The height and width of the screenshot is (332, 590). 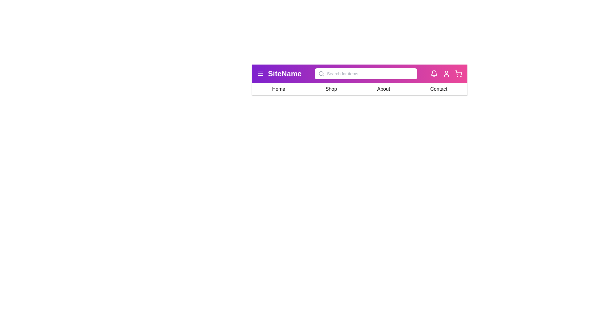 I want to click on the navigation menu item labeled About, so click(x=383, y=89).